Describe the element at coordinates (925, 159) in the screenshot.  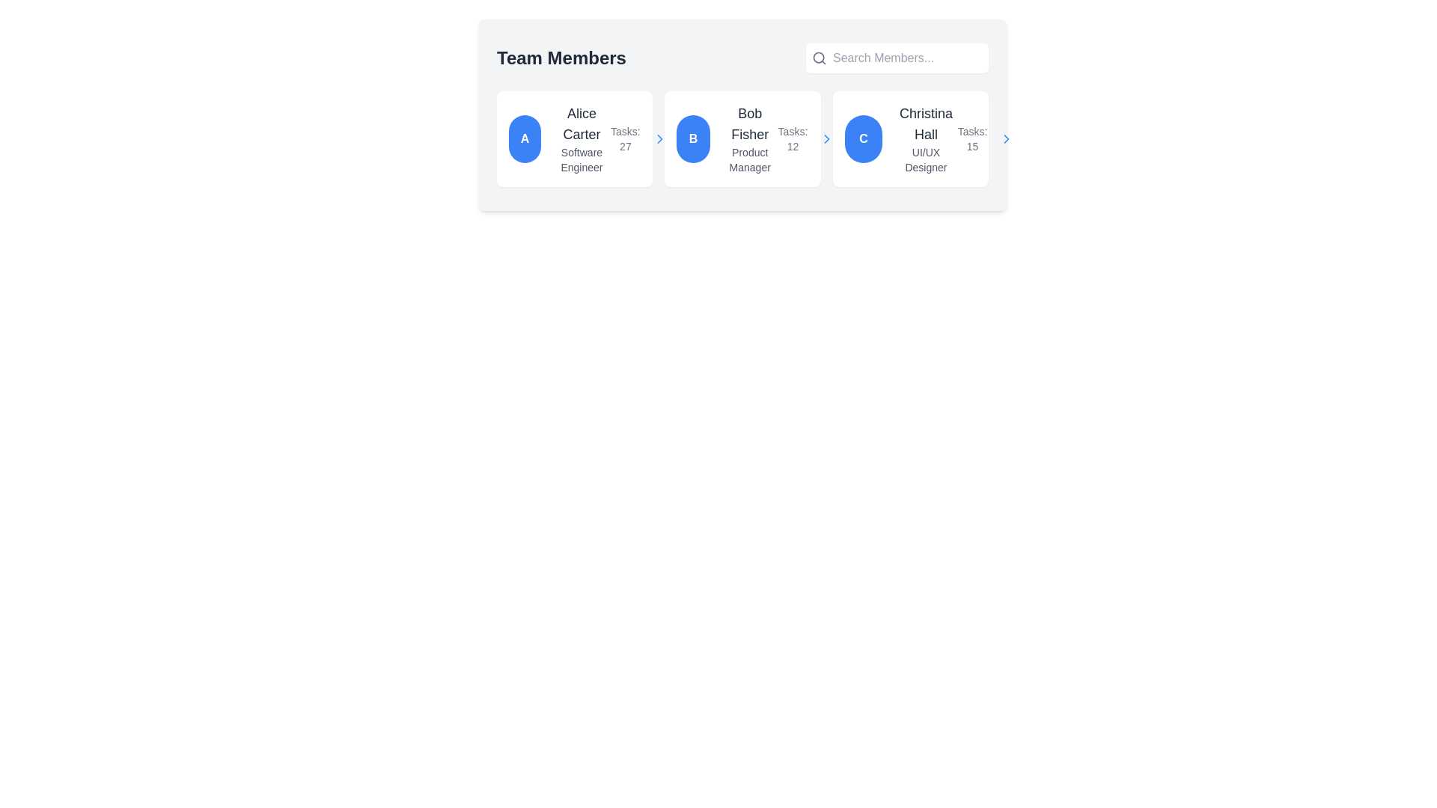
I see `role description from the text label that reads 'UI/UX Designer', which is displayed in gray color below the name 'Christina Hall'` at that location.